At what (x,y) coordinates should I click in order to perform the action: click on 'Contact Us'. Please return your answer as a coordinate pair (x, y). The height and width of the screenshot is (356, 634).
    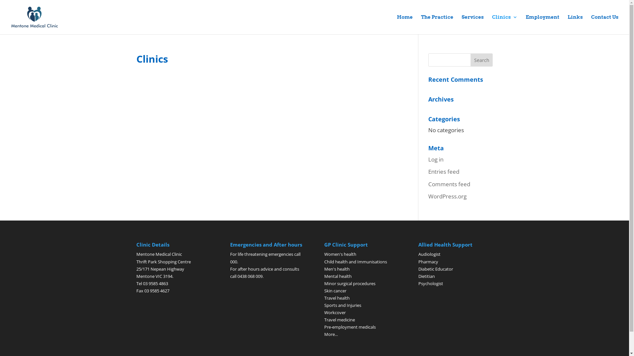
    Looking at the image, I should click on (605, 24).